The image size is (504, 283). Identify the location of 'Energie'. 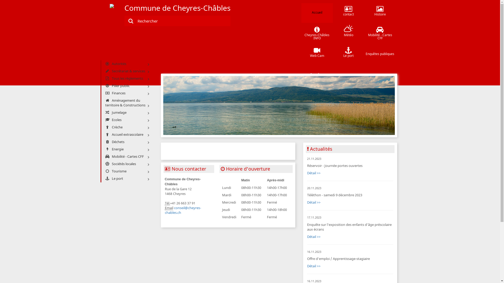
(126, 149).